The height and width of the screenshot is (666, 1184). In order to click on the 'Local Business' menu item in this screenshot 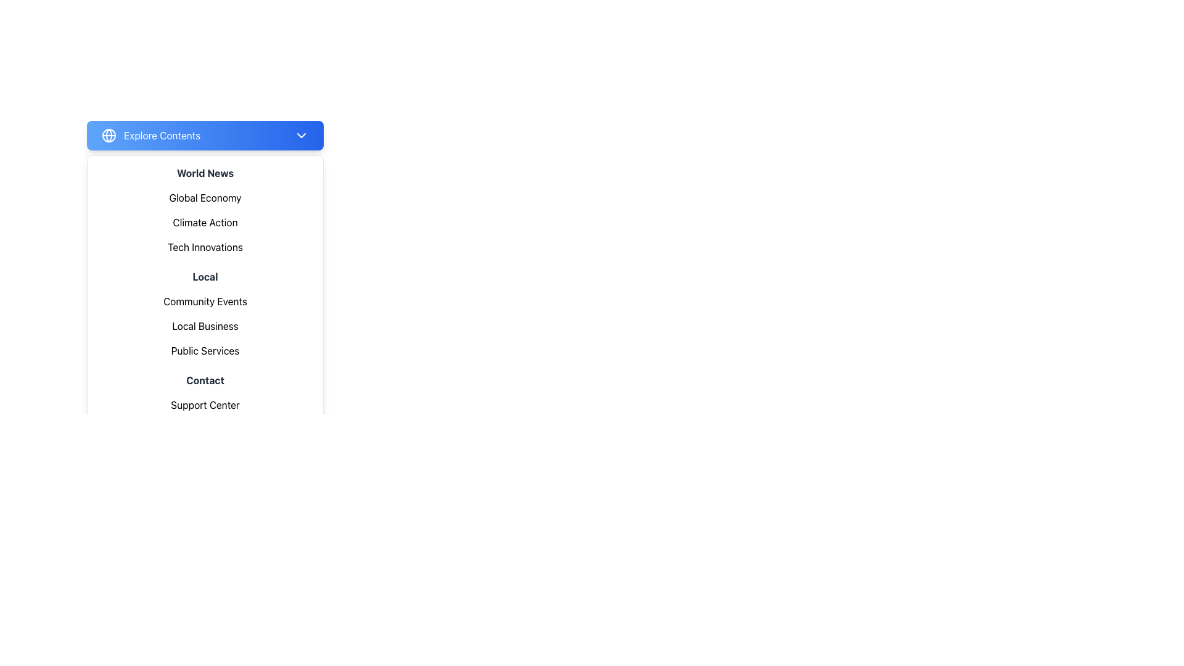, I will do `click(205, 325)`.